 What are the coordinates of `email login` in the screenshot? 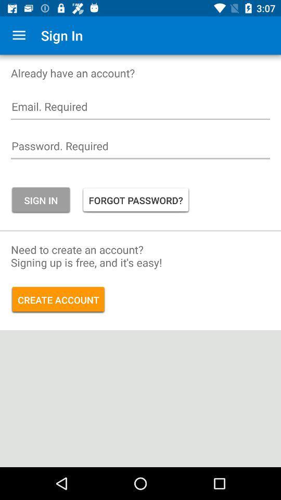 It's located at (140, 109).